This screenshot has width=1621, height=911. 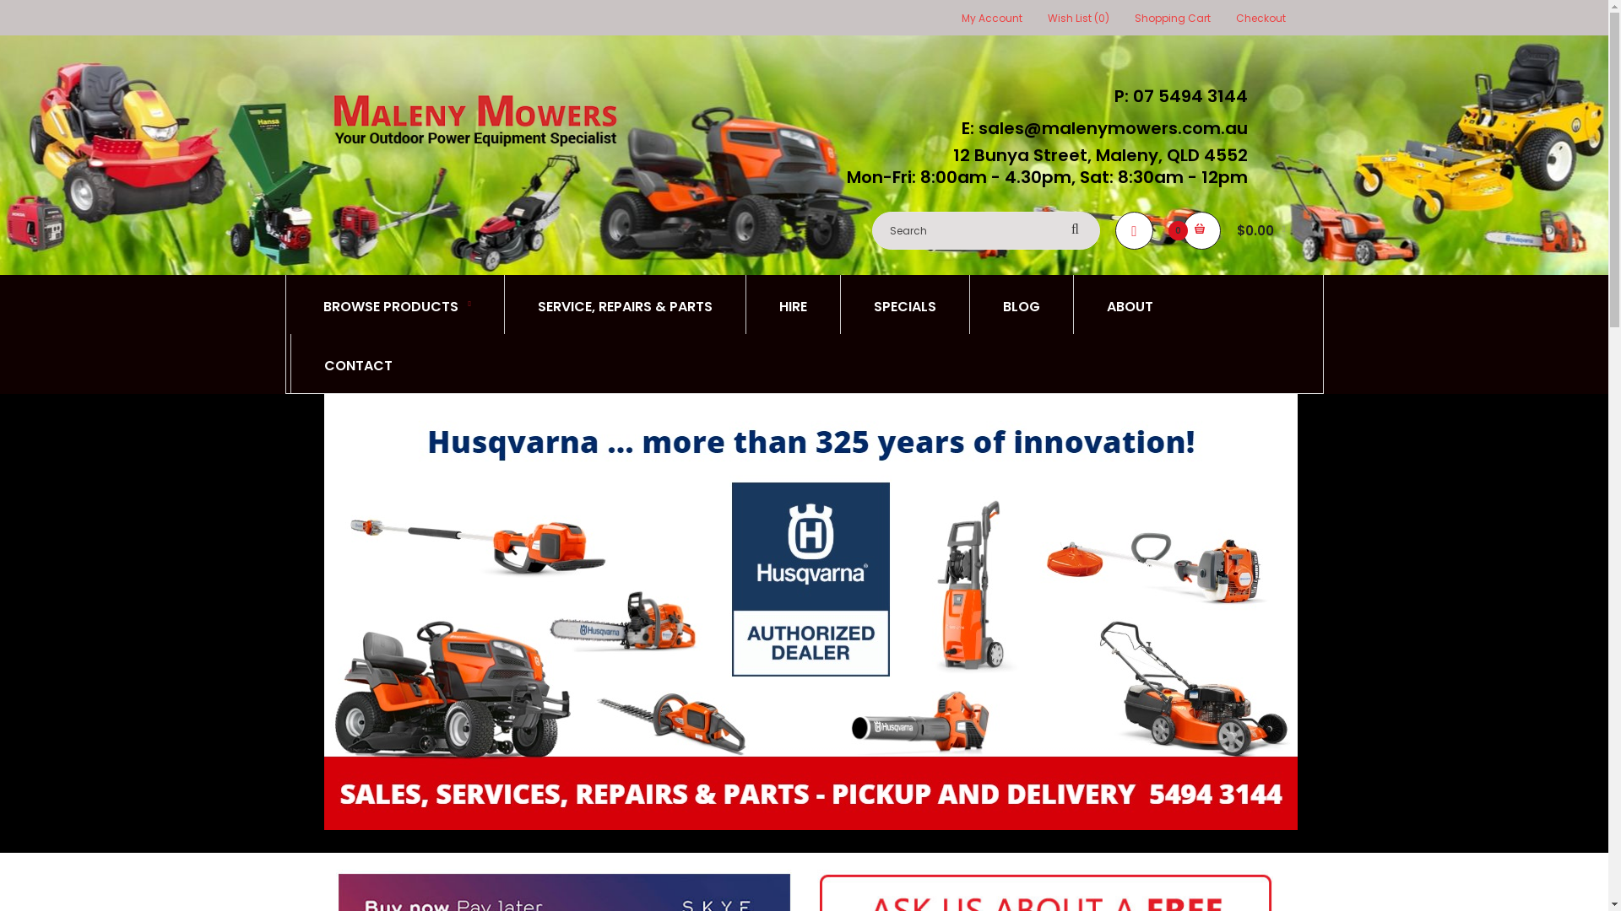 What do you see at coordinates (991, 18) in the screenshot?
I see `'My Account'` at bounding box center [991, 18].